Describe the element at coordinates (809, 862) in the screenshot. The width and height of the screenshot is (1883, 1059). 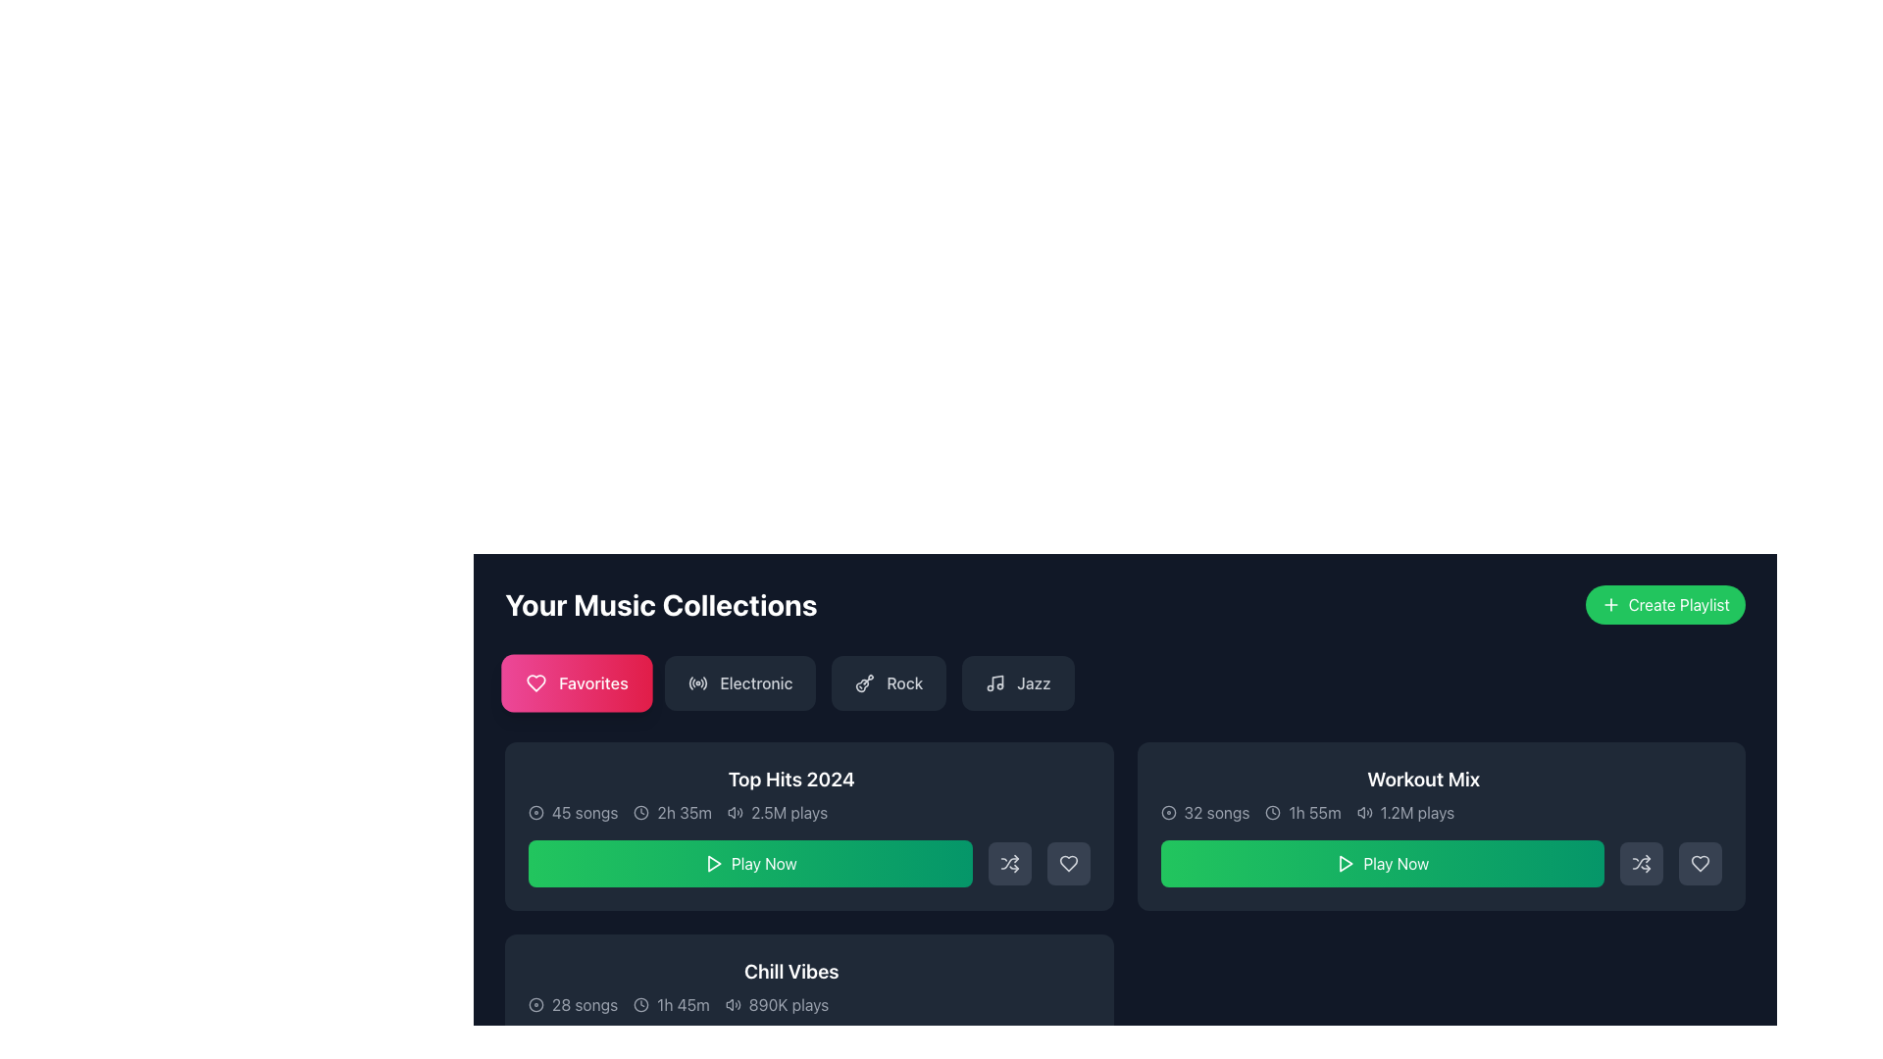
I see `the 'Play Now' button with a gradient green background in the 'Top Hits 2024' section` at that location.